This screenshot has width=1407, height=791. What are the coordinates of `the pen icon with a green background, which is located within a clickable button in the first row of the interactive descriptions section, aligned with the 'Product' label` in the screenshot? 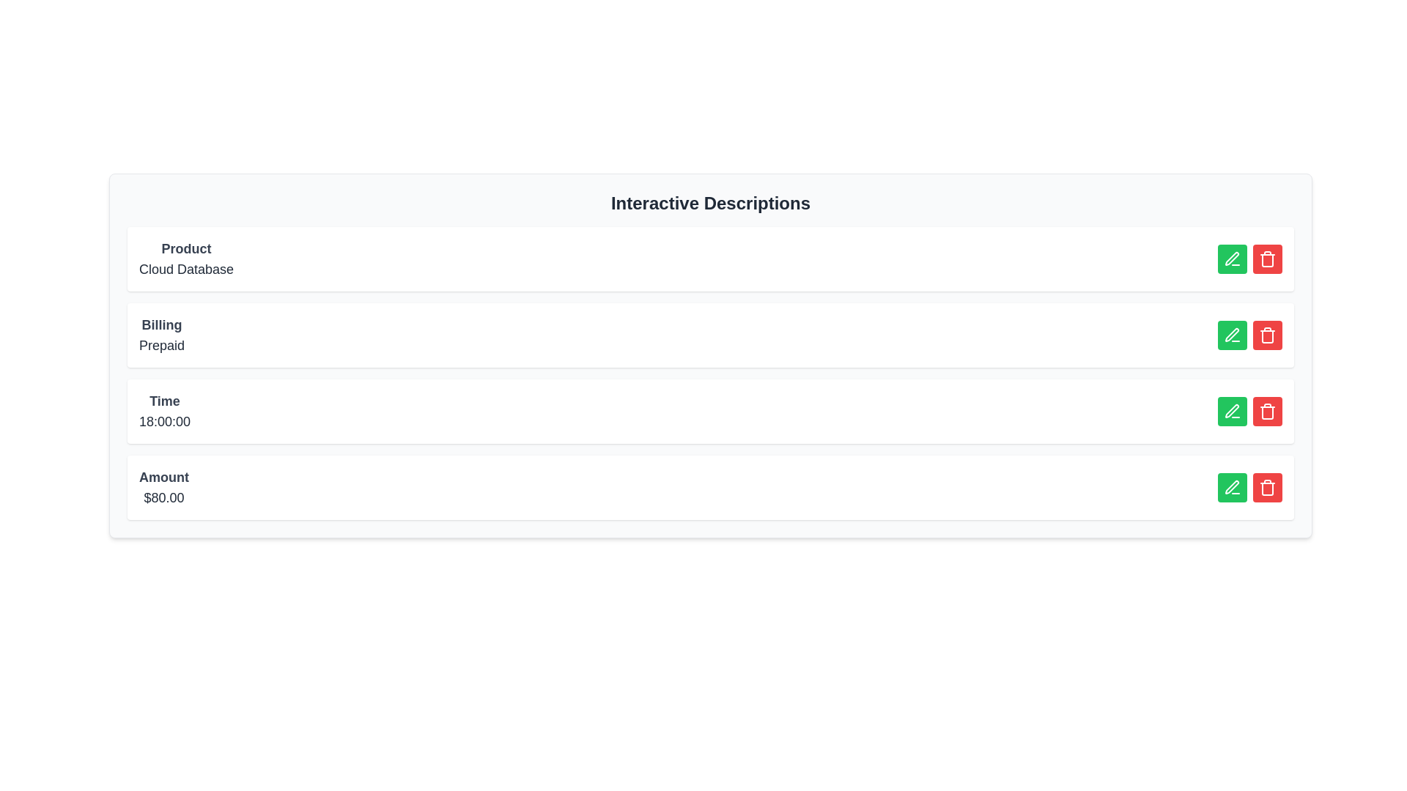 It's located at (1231, 259).